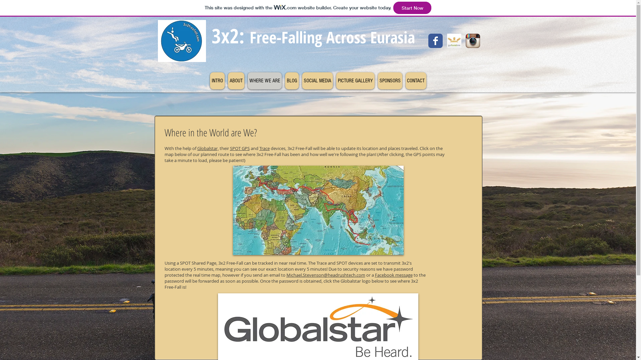 This screenshot has height=360, width=641. Describe the element at coordinates (239, 148) in the screenshot. I see `'SPOT GPS'` at that location.